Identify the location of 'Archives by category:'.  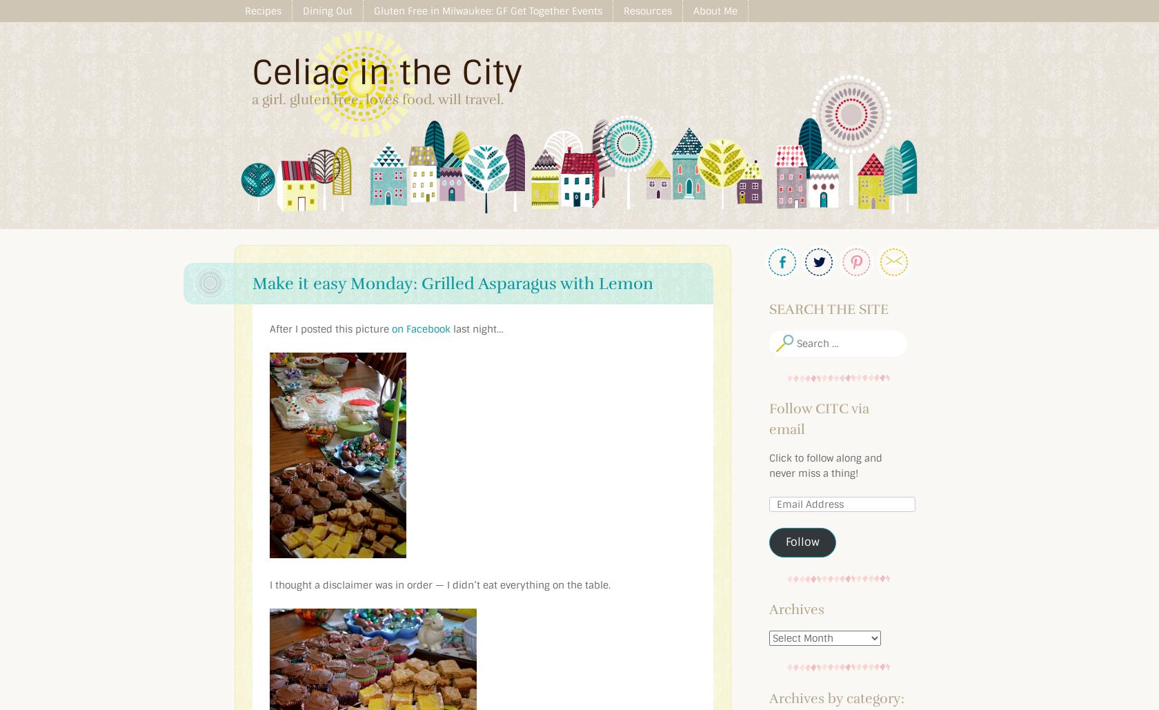
(836, 697).